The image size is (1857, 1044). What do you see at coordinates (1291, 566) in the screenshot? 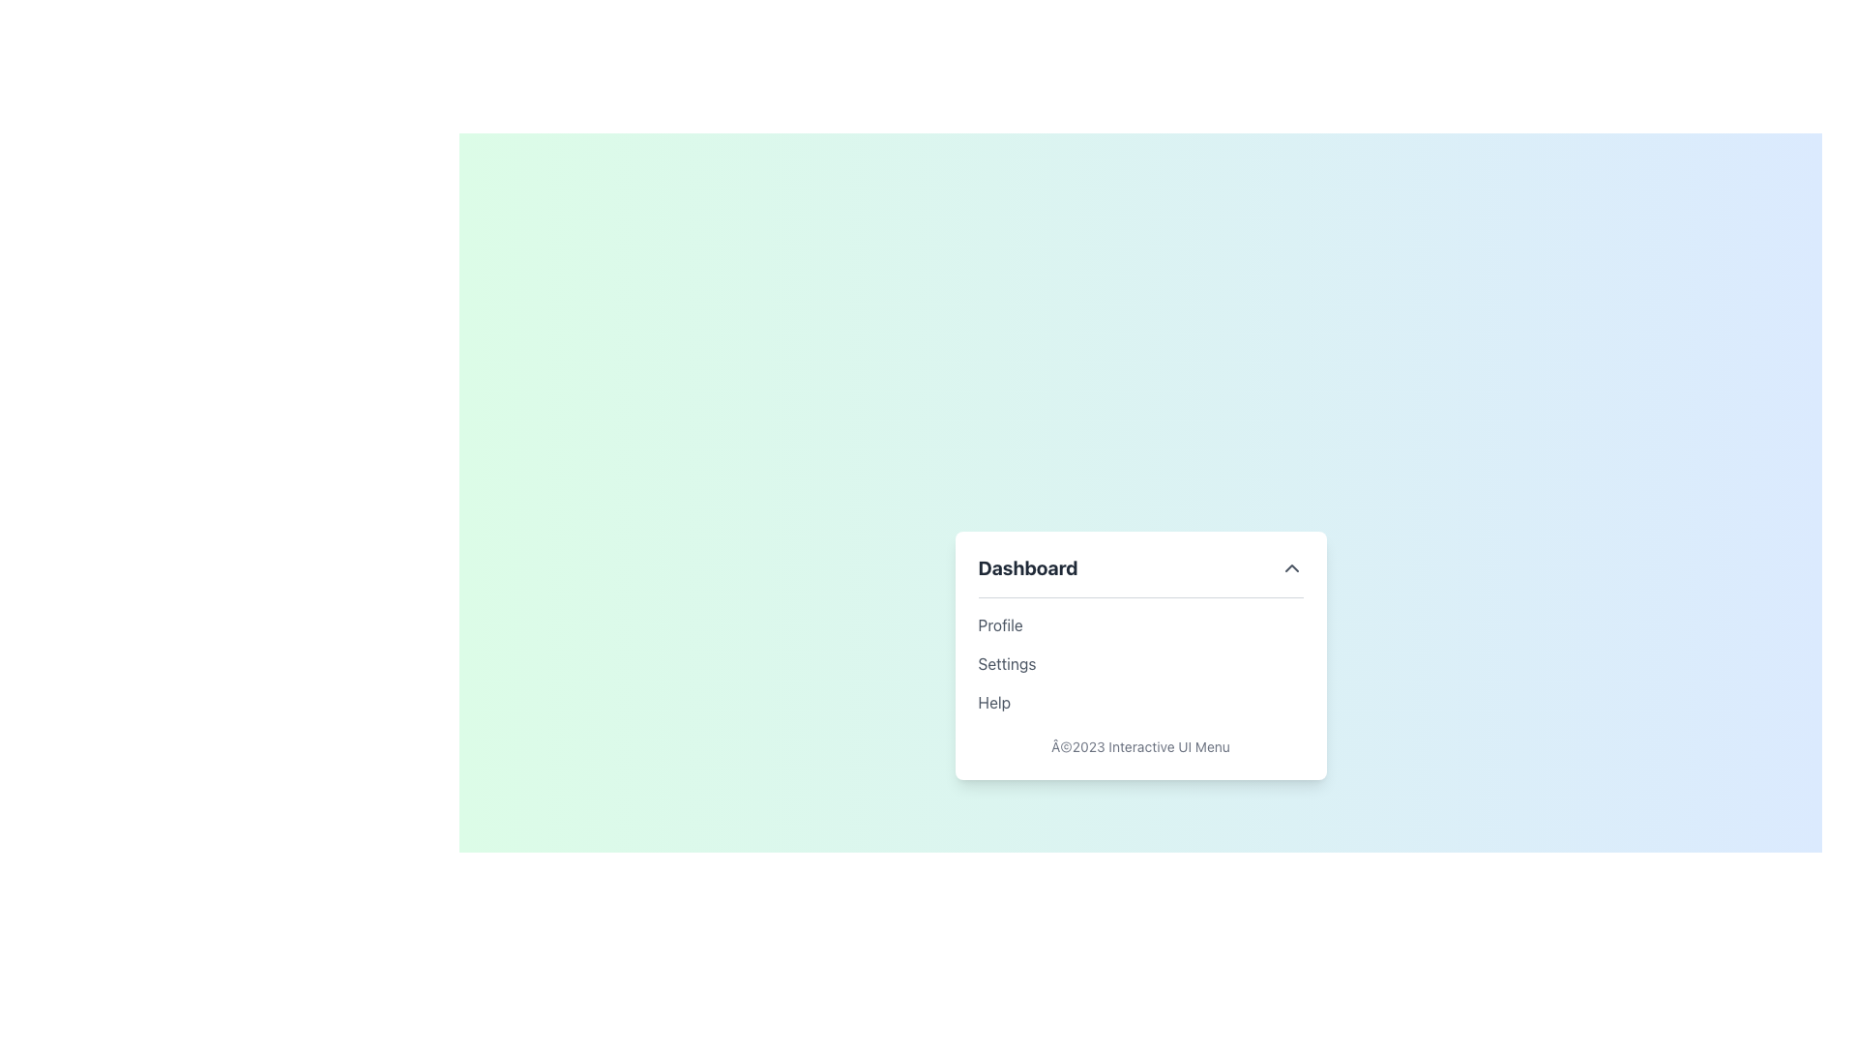
I see `the toggle button in the top-right corner of the 'Dashboard' section` at bounding box center [1291, 566].